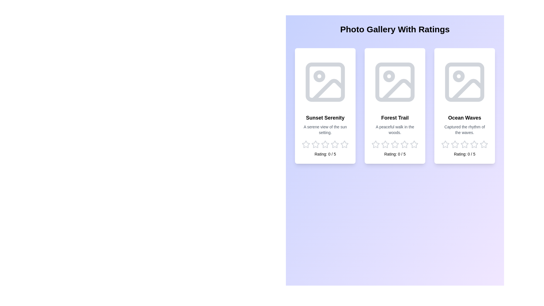 This screenshot has width=544, height=306. I want to click on the star corresponding to the rating 4 for the image Ocean Waves, so click(474, 144).